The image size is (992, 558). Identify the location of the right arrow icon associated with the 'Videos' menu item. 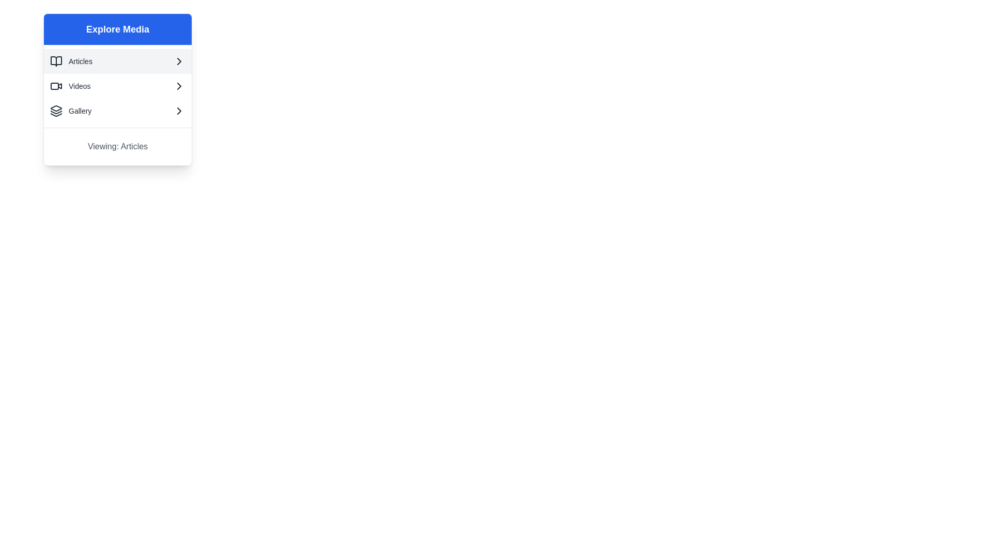
(179, 85).